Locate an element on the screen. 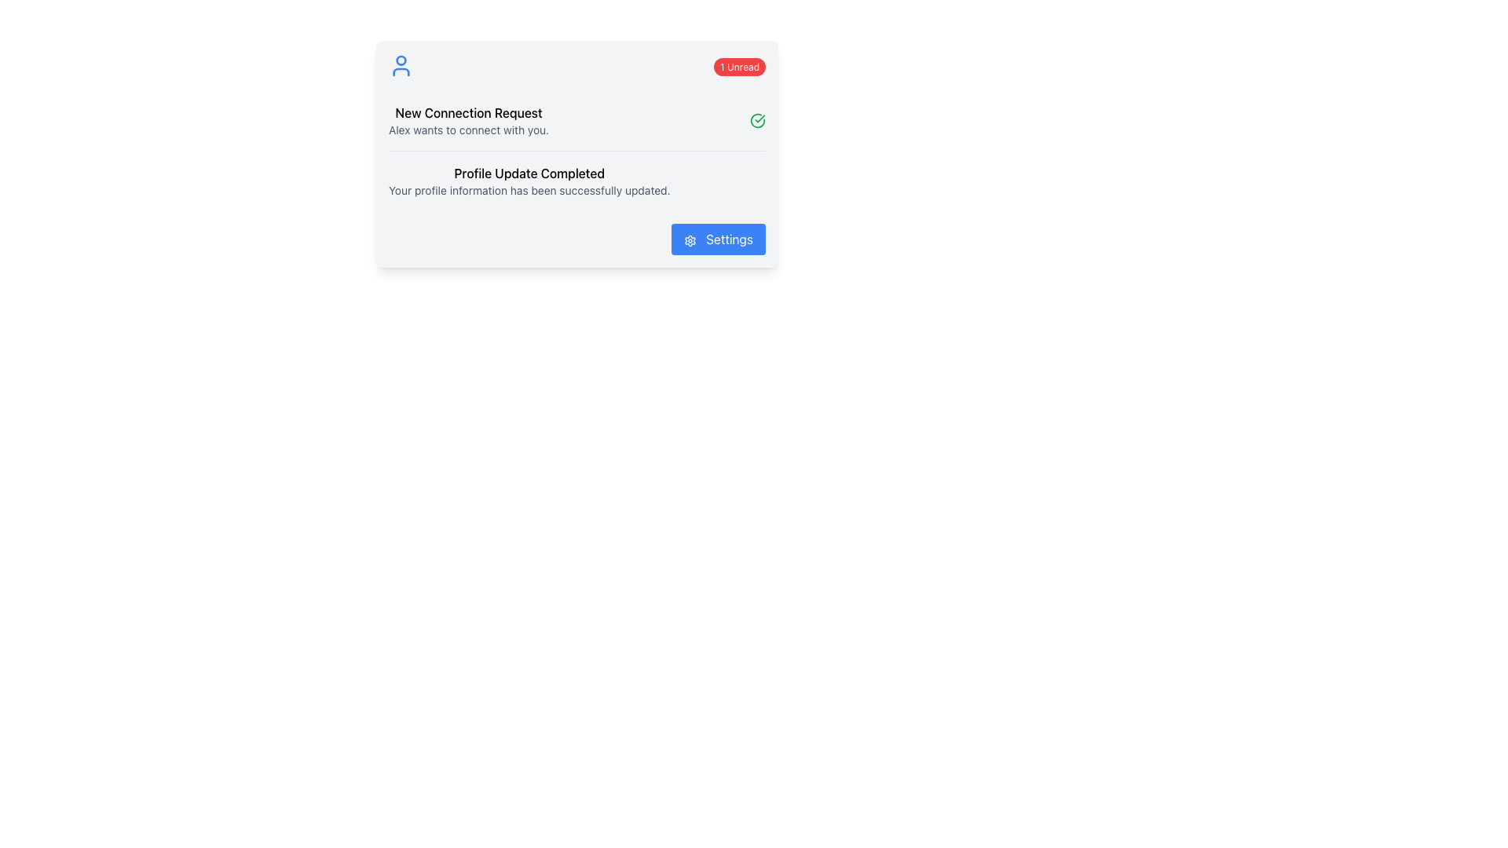 This screenshot has height=848, width=1508. the settings icon located inside the 'Settings' button in the lower right corner of the card interface to potentially view tooltips is located at coordinates (690, 240).